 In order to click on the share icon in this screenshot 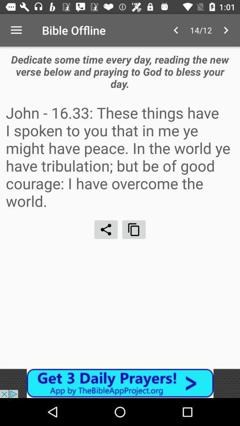, I will do `click(106, 229)`.